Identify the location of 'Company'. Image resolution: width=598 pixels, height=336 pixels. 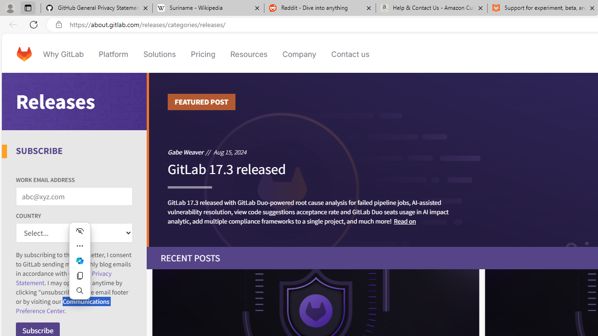
(299, 54).